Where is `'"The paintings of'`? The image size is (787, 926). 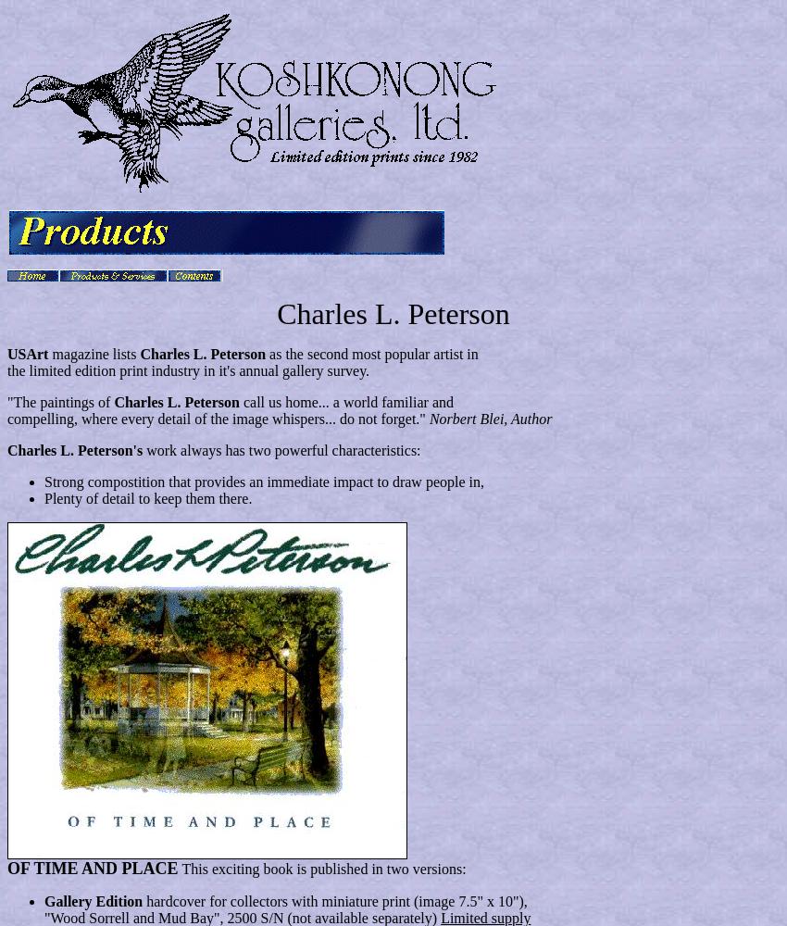 '"The paintings of' is located at coordinates (60, 402).